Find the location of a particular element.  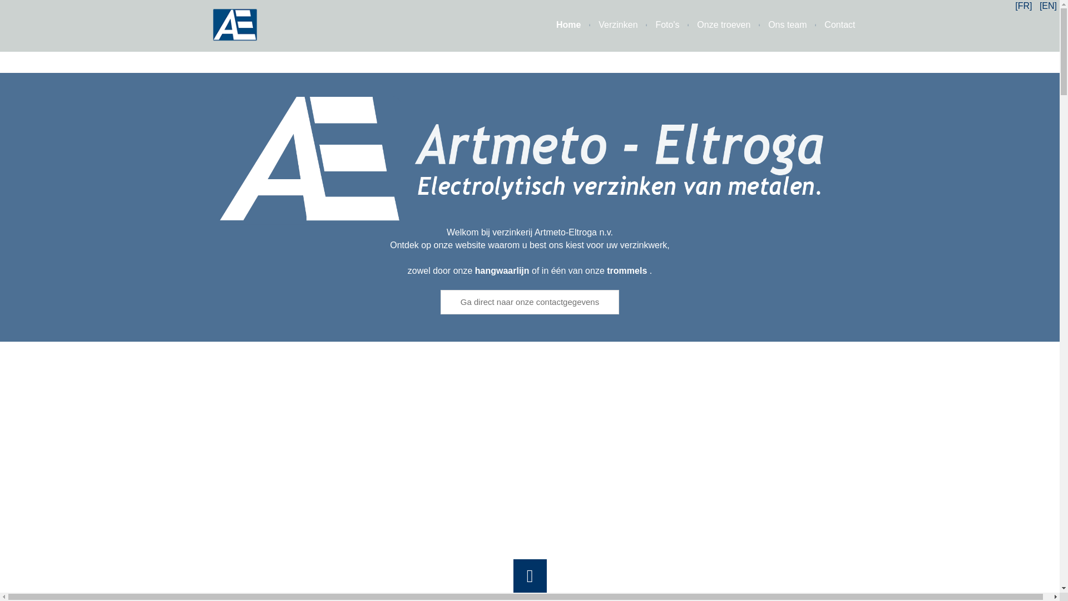

'Ons team' is located at coordinates (778, 25).